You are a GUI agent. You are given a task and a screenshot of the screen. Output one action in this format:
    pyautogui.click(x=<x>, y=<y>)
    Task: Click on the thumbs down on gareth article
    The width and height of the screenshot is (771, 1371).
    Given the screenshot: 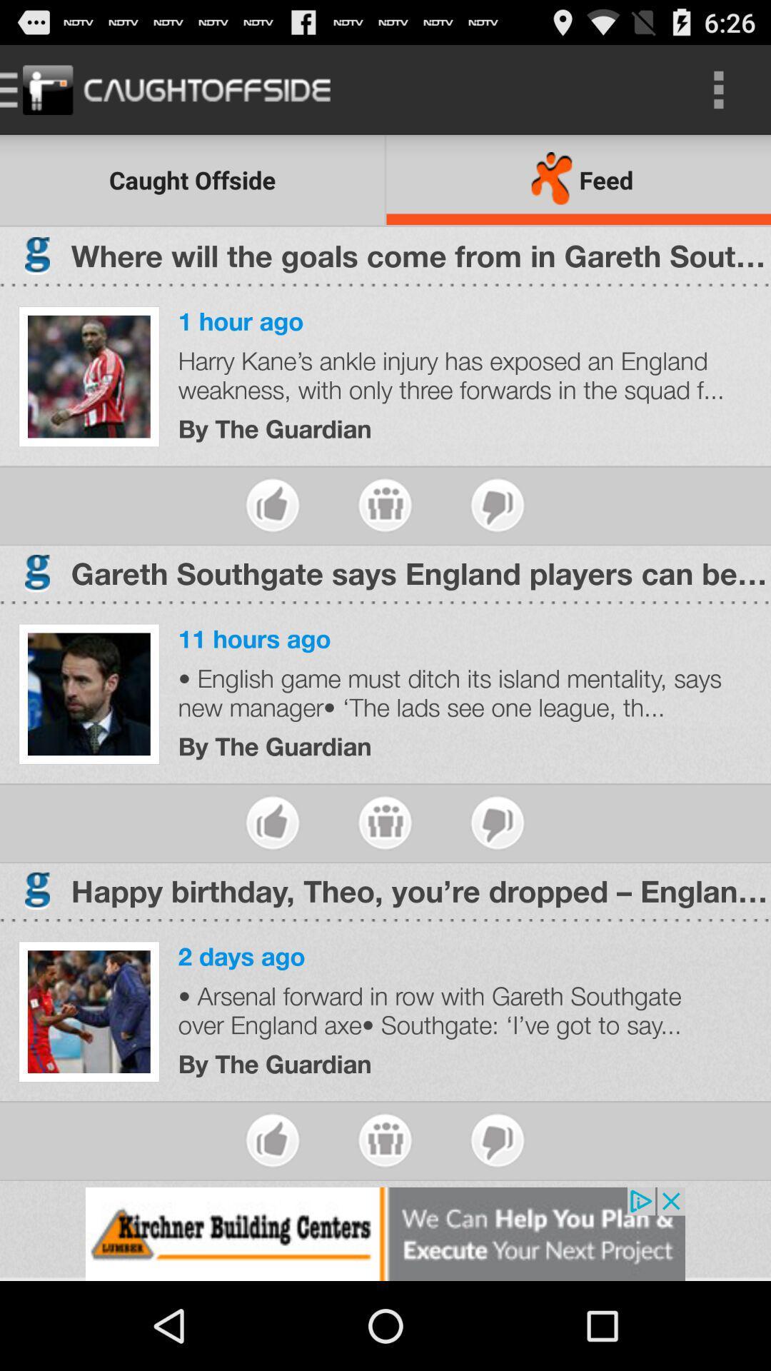 What is the action you would take?
    pyautogui.click(x=497, y=823)
    